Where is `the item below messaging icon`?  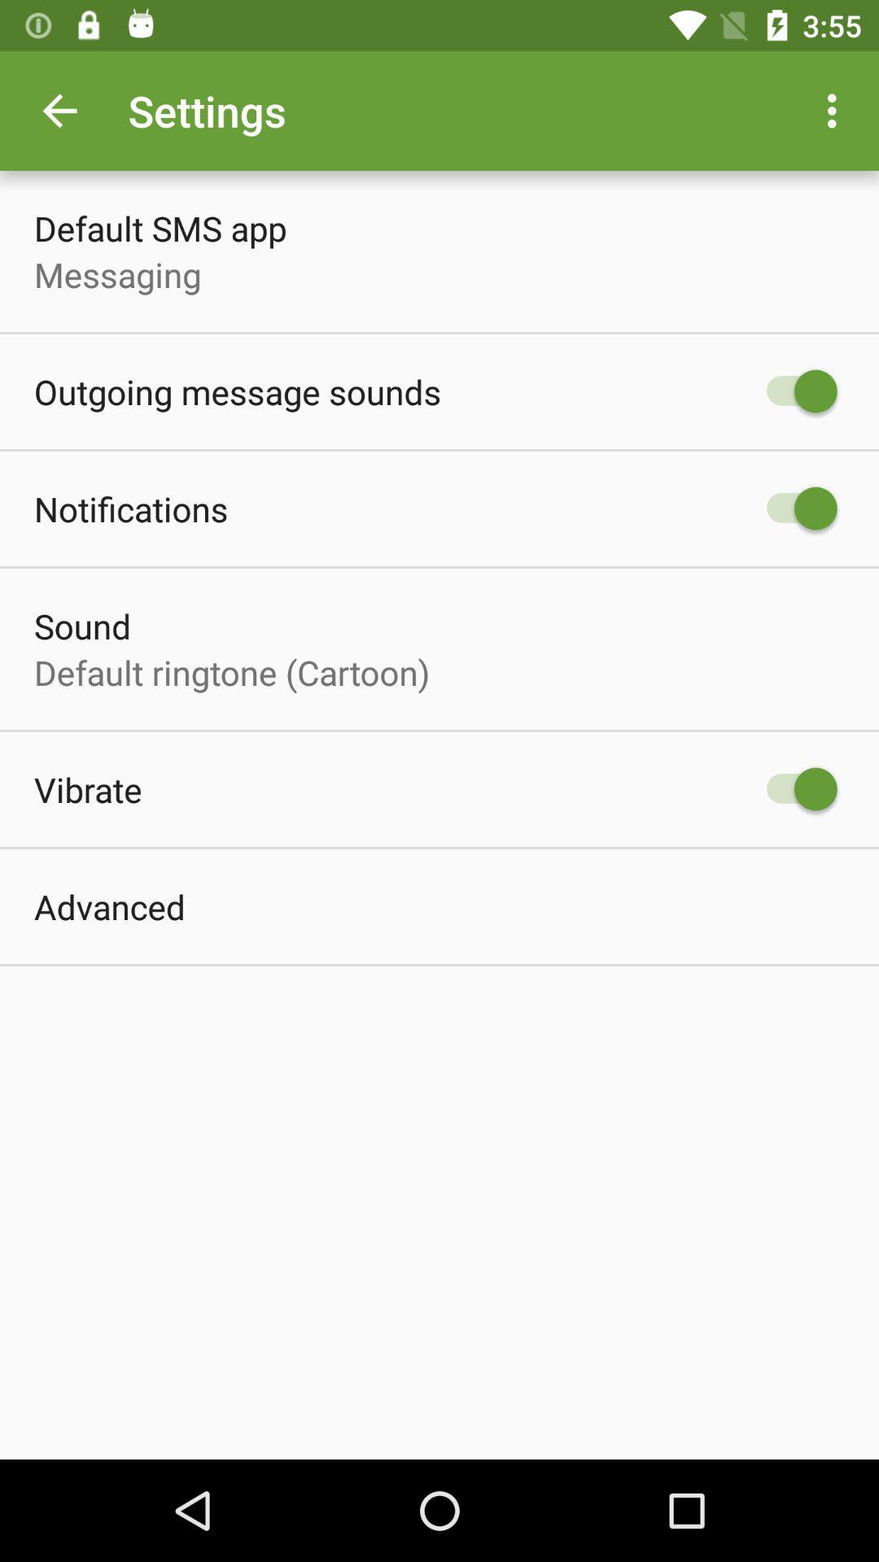 the item below messaging icon is located at coordinates (238, 391).